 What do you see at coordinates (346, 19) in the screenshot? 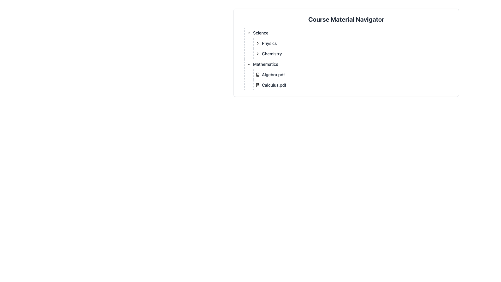
I see `text label titled 'Course Material Navigator', which is a bold, large-sized title styled in dark gray font, located at the top of the interface` at bounding box center [346, 19].